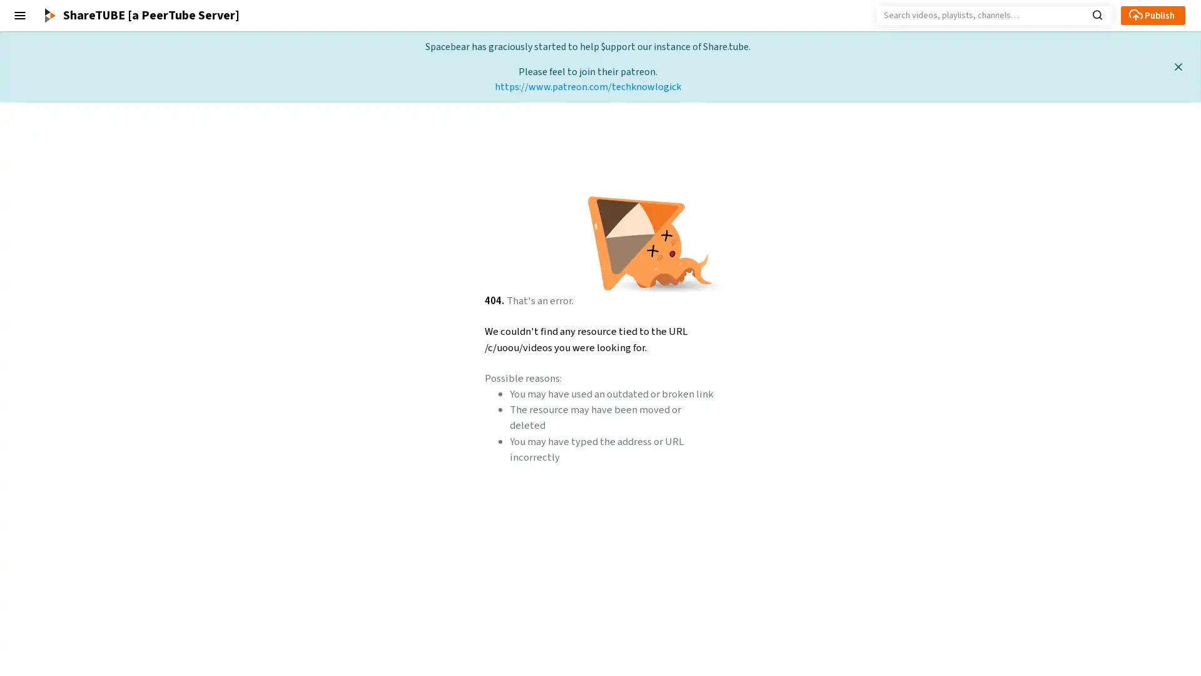 The image size is (1201, 676). I want to click on Search, so click(1097, 14).